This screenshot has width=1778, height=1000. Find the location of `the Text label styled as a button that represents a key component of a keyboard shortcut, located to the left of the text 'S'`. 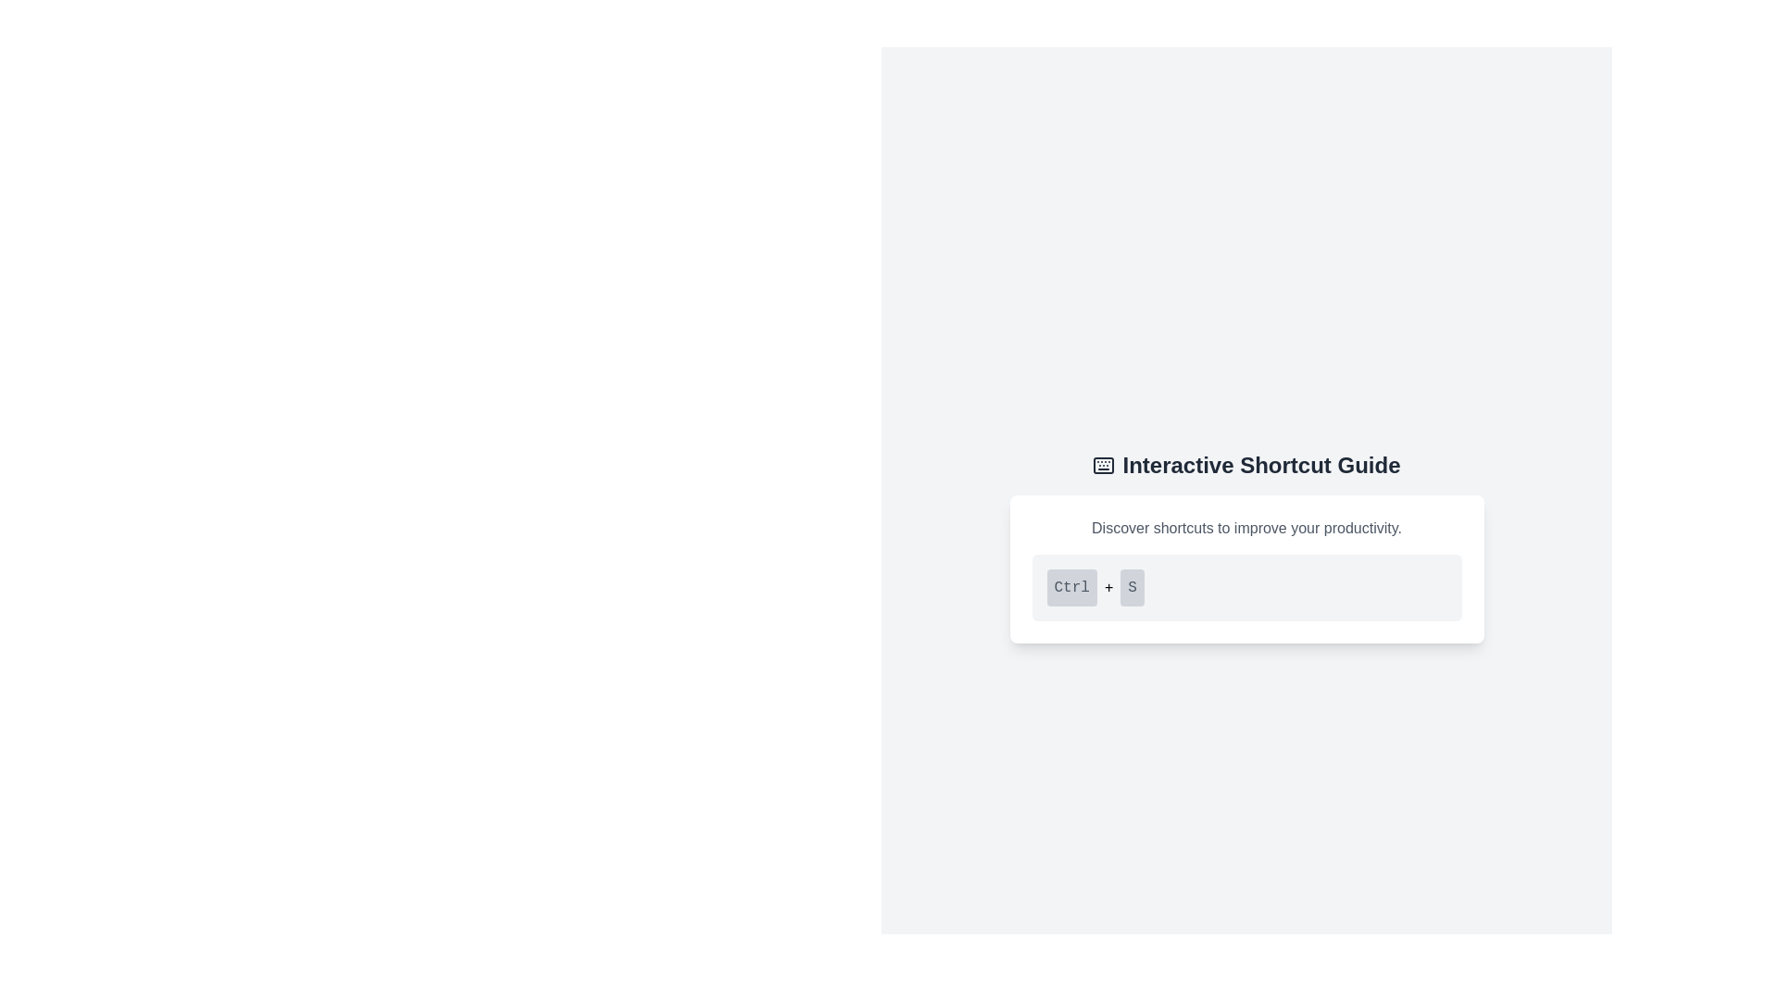

the Text label styled as a button that represents a key component of a keyboard shortcut, located to the left of the text 'S' is located at coordinates (1071, 588).